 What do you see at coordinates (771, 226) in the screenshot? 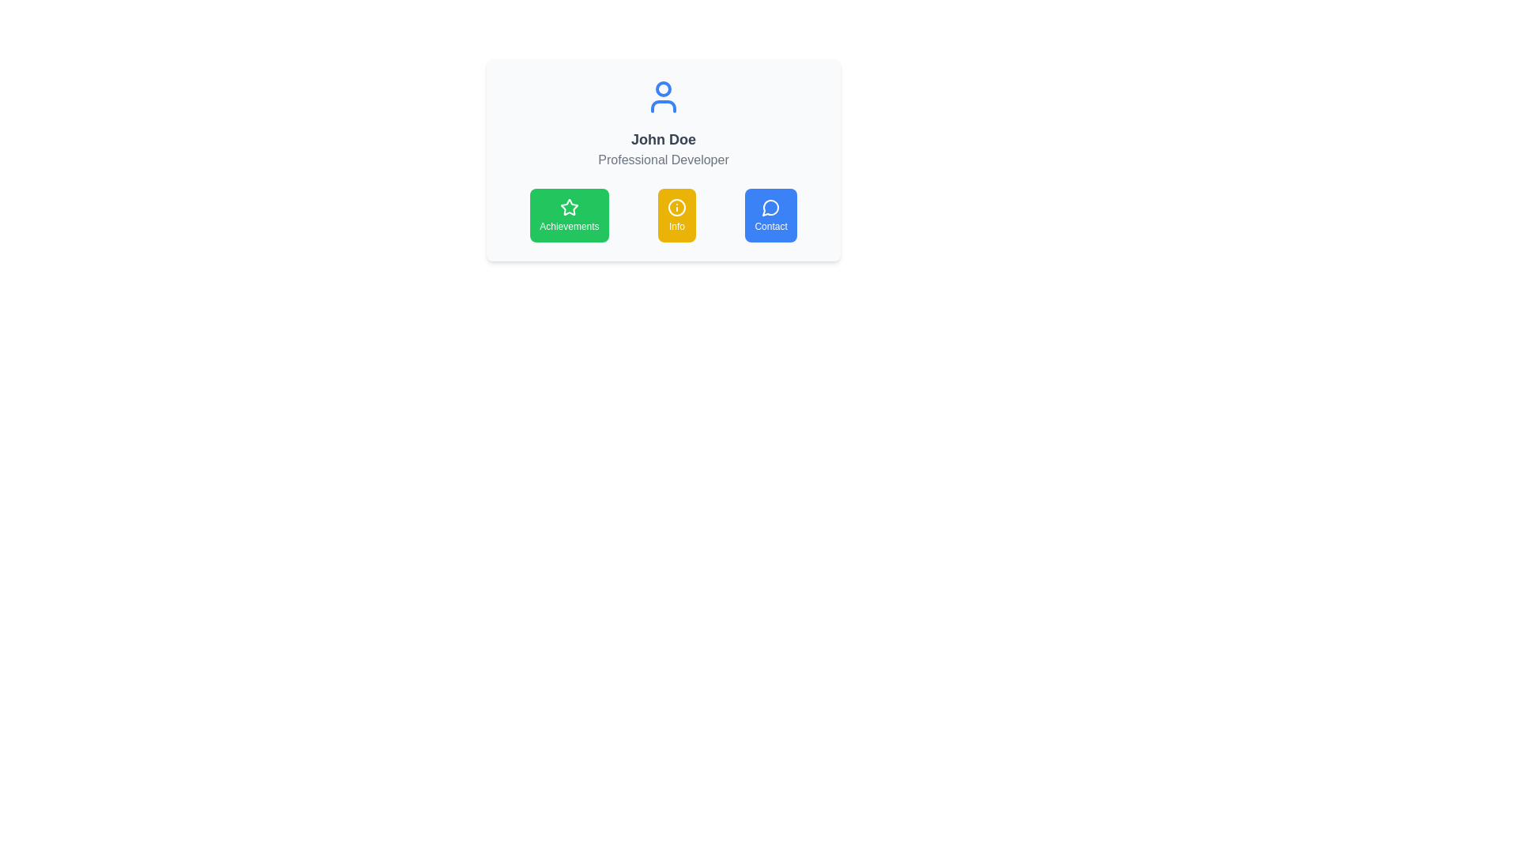
I see `the 'Contact' text label located beneath the message icon within a blue and white themed button` at bounding box center [771, 226].